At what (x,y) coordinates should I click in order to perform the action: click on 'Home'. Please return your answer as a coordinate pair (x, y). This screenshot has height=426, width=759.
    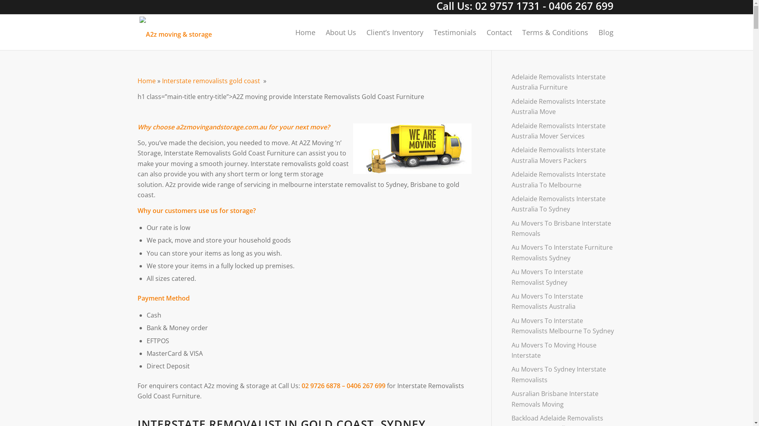
    Looking at the image, I should click on (146, 80).